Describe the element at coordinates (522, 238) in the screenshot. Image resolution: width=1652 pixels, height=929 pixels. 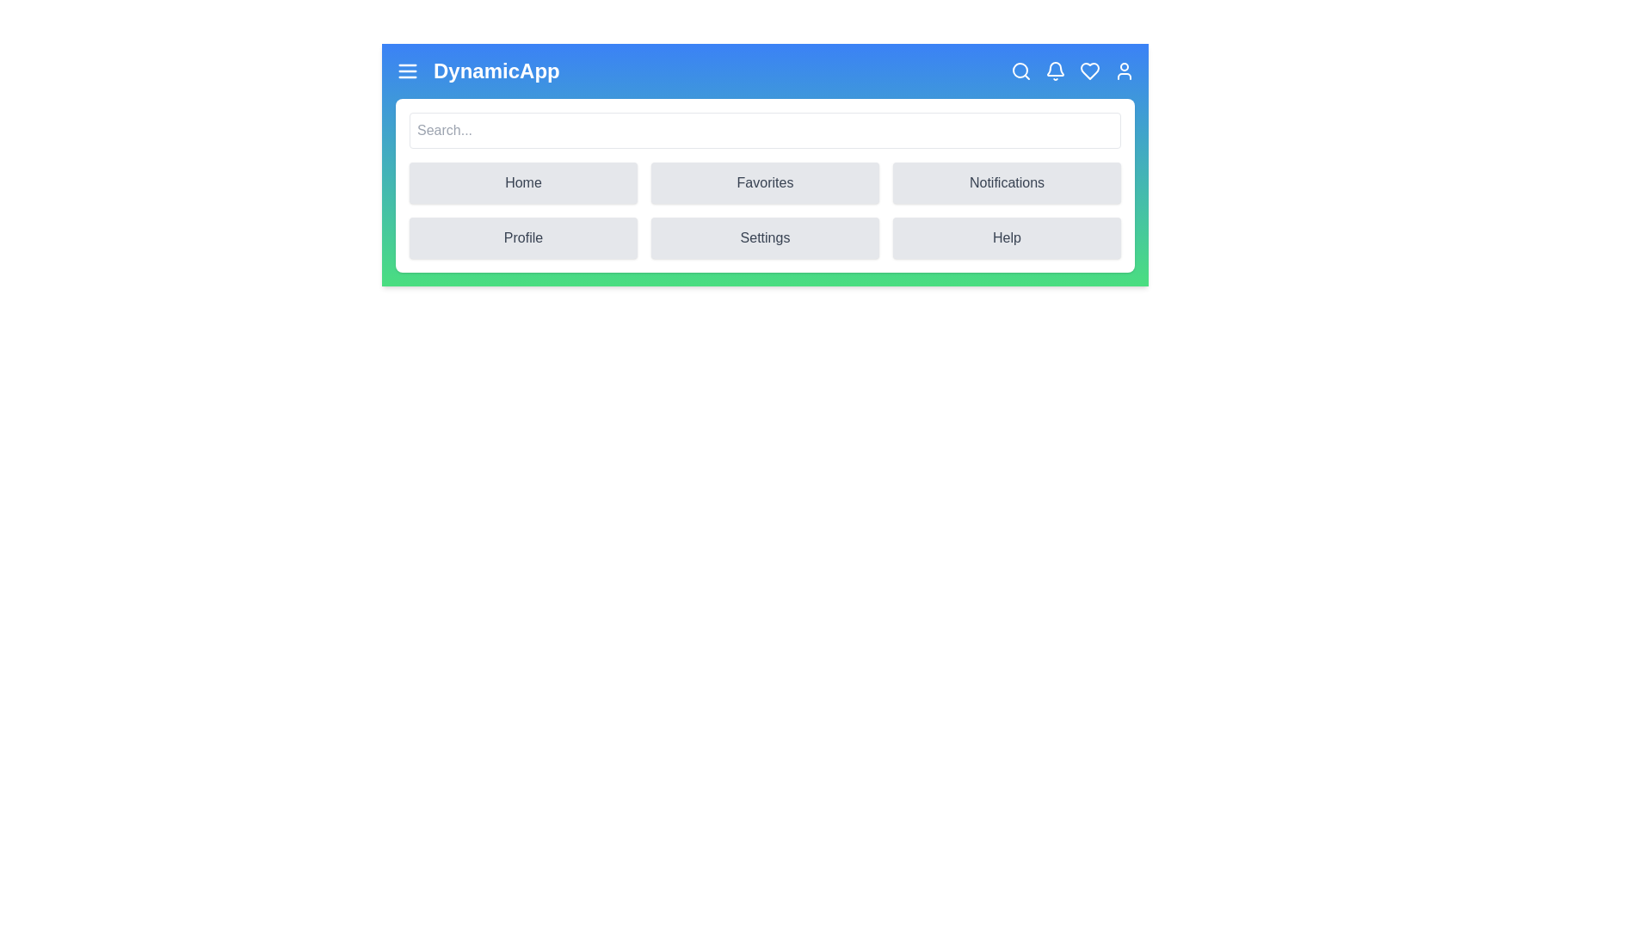
I see `the 'Profile' button in the menu` at that location.